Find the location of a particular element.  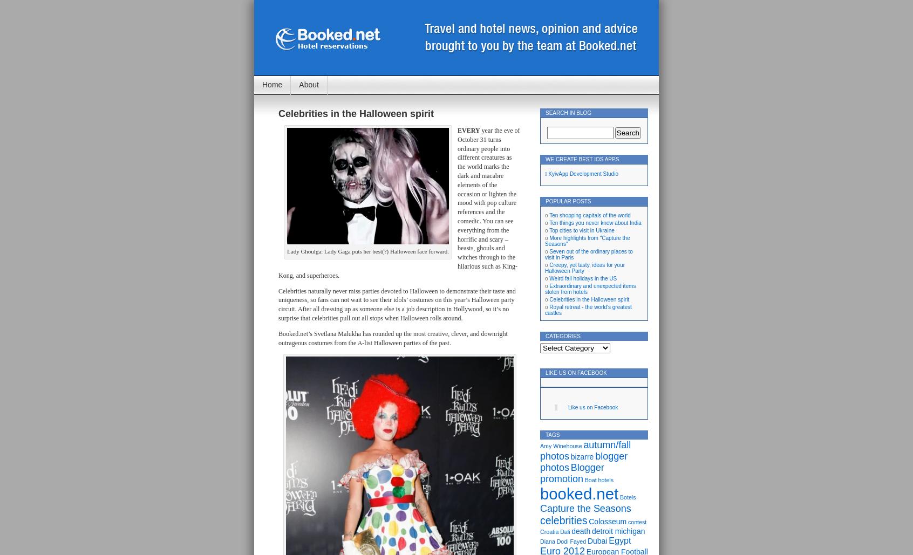

'Ten things you never knew about India' is located at coordinates (595, 222).